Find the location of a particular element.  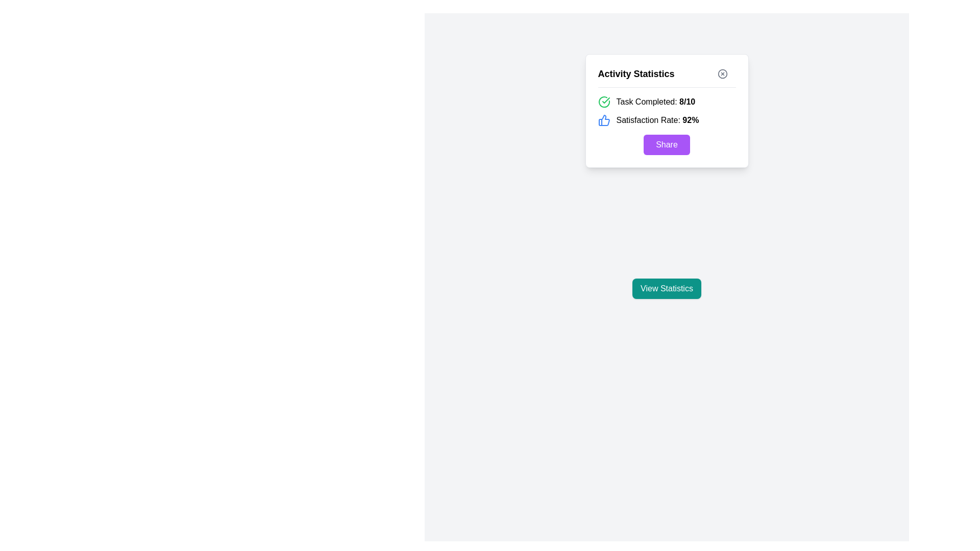

the close icon button located at the top-right corner of the 'Activity Statistics' card is located at coordinates (722, 73).